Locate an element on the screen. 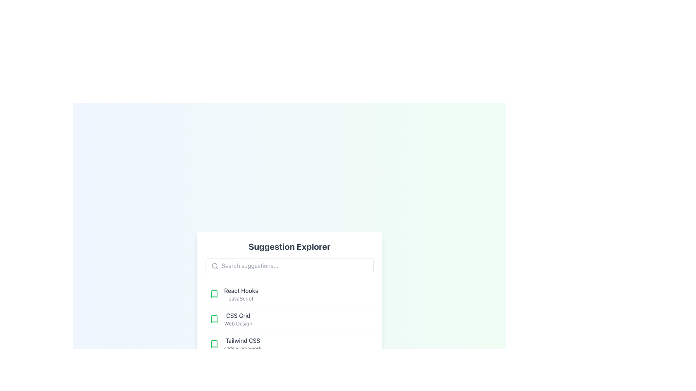 The width and height of the screenshot is (696, 391). the icon that serves as a visual cue for the CSS Grid suggestion, positioned to the left of the 'CSS Grid' text and above the 'Web Design' subtext is located at coordinates (214, 319).